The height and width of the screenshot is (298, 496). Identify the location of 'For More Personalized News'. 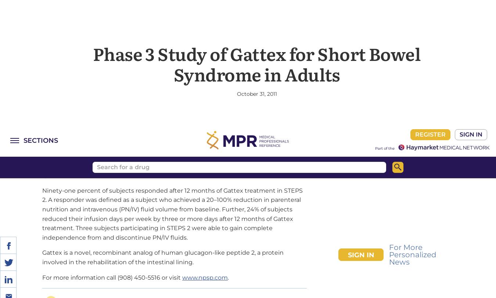
(413, 154).